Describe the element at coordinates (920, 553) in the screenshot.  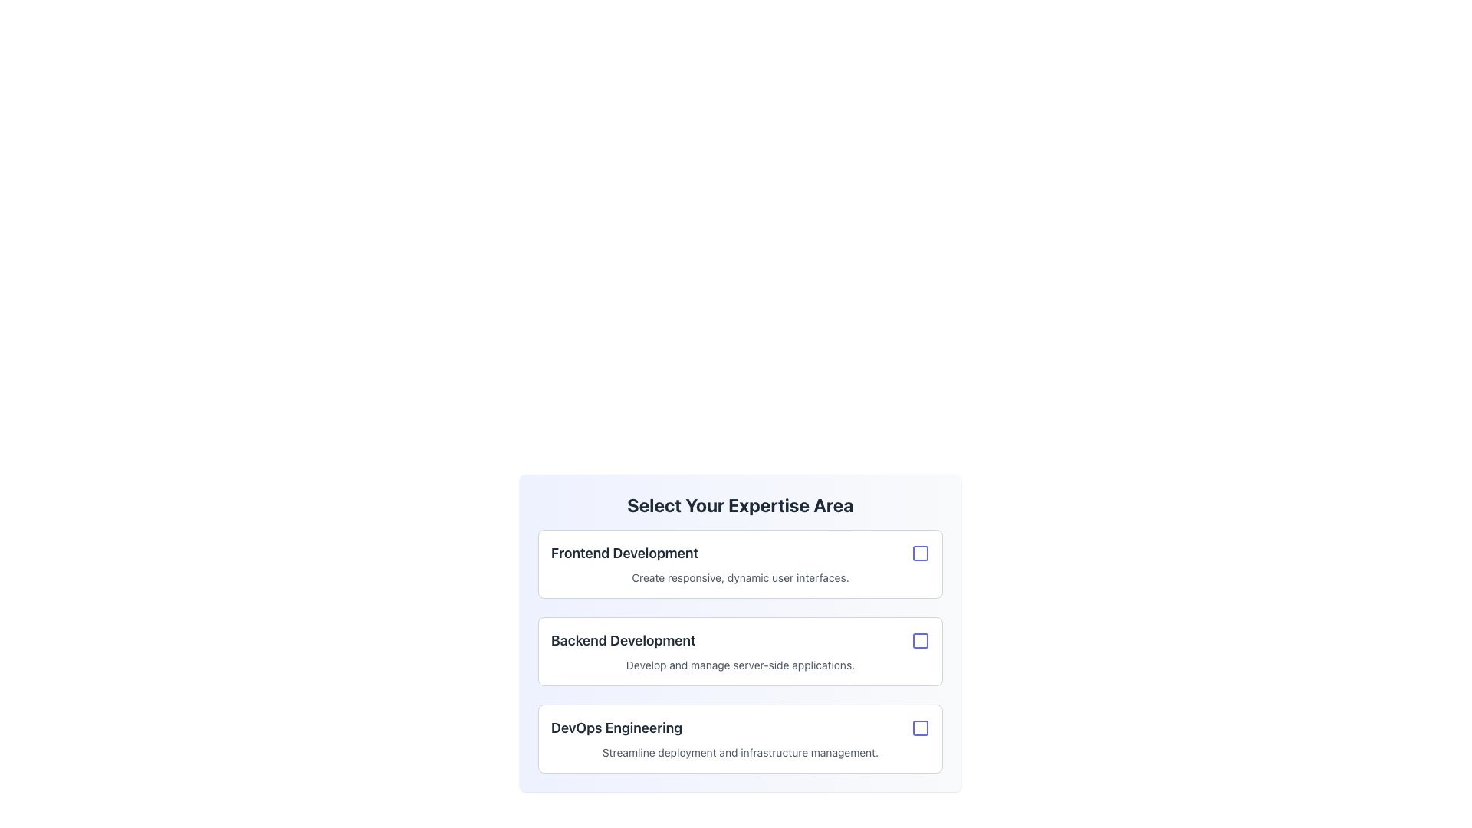
I see `the checkbox located in the 'Frontend Development' section` at that location.